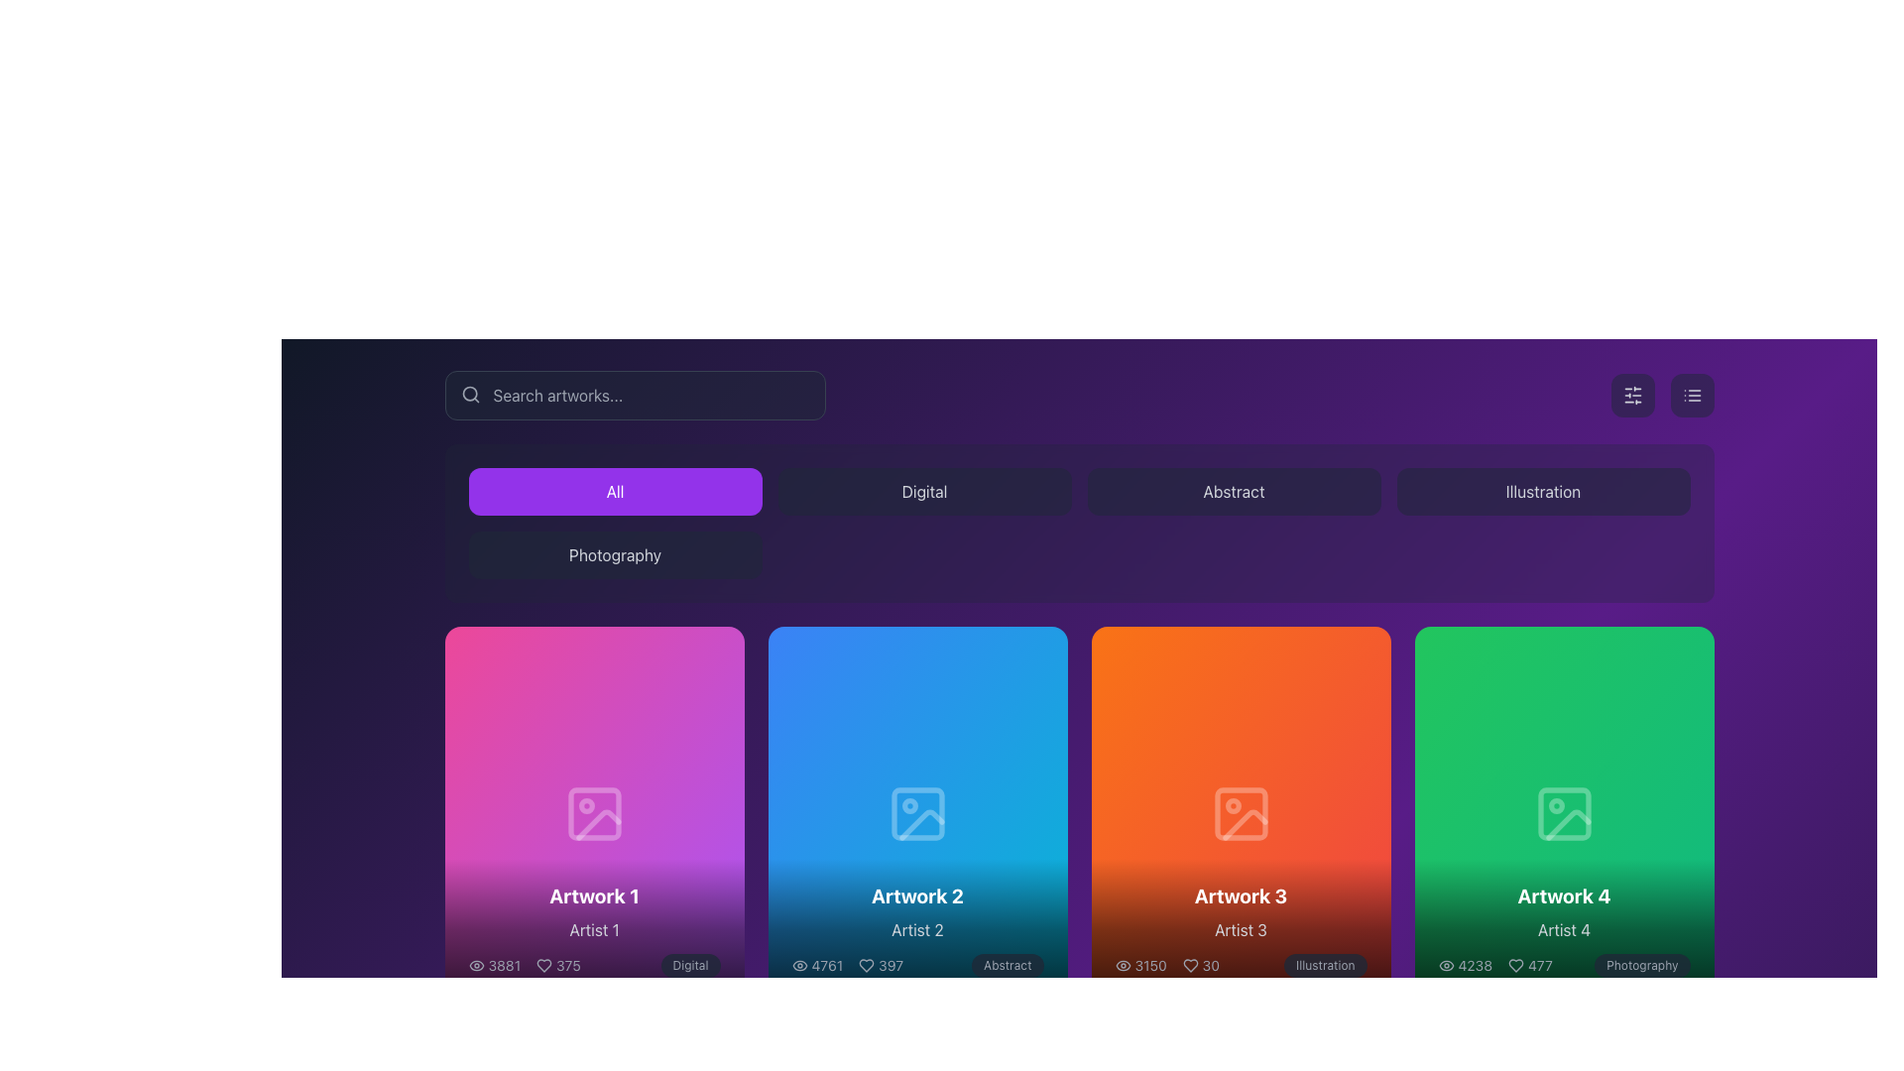  What do you see at coordinates (1200, 964) in the screenshot?
I see `the numeric value '30' located beside the heart-shaped icon in the bottom left corner of the 'Artwork 3' card` at bounding box center [1200, 964].